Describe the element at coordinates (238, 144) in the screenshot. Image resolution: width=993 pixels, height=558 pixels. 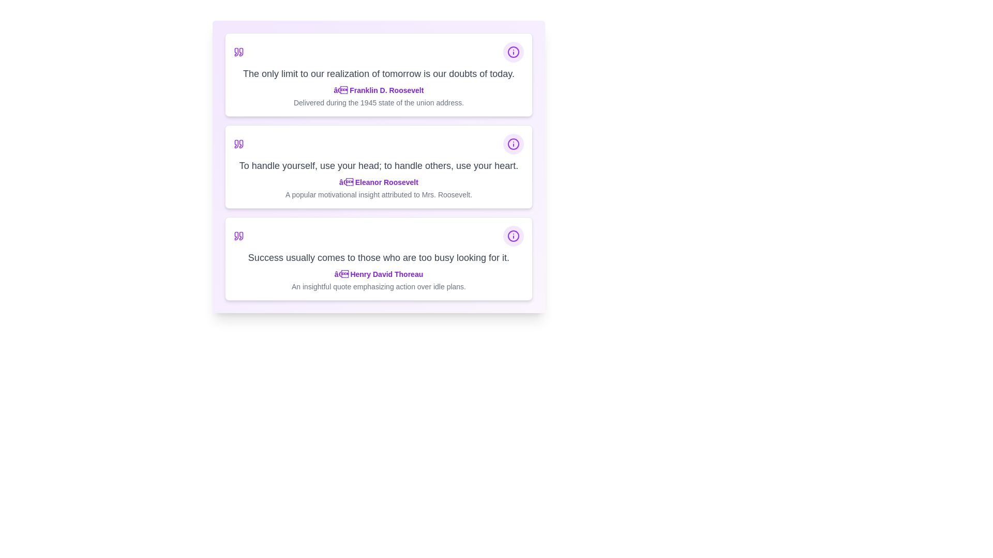
I see `the purple SVG graphic icon resembling quotation marks located at the top-left corner of the quote card` at that location.